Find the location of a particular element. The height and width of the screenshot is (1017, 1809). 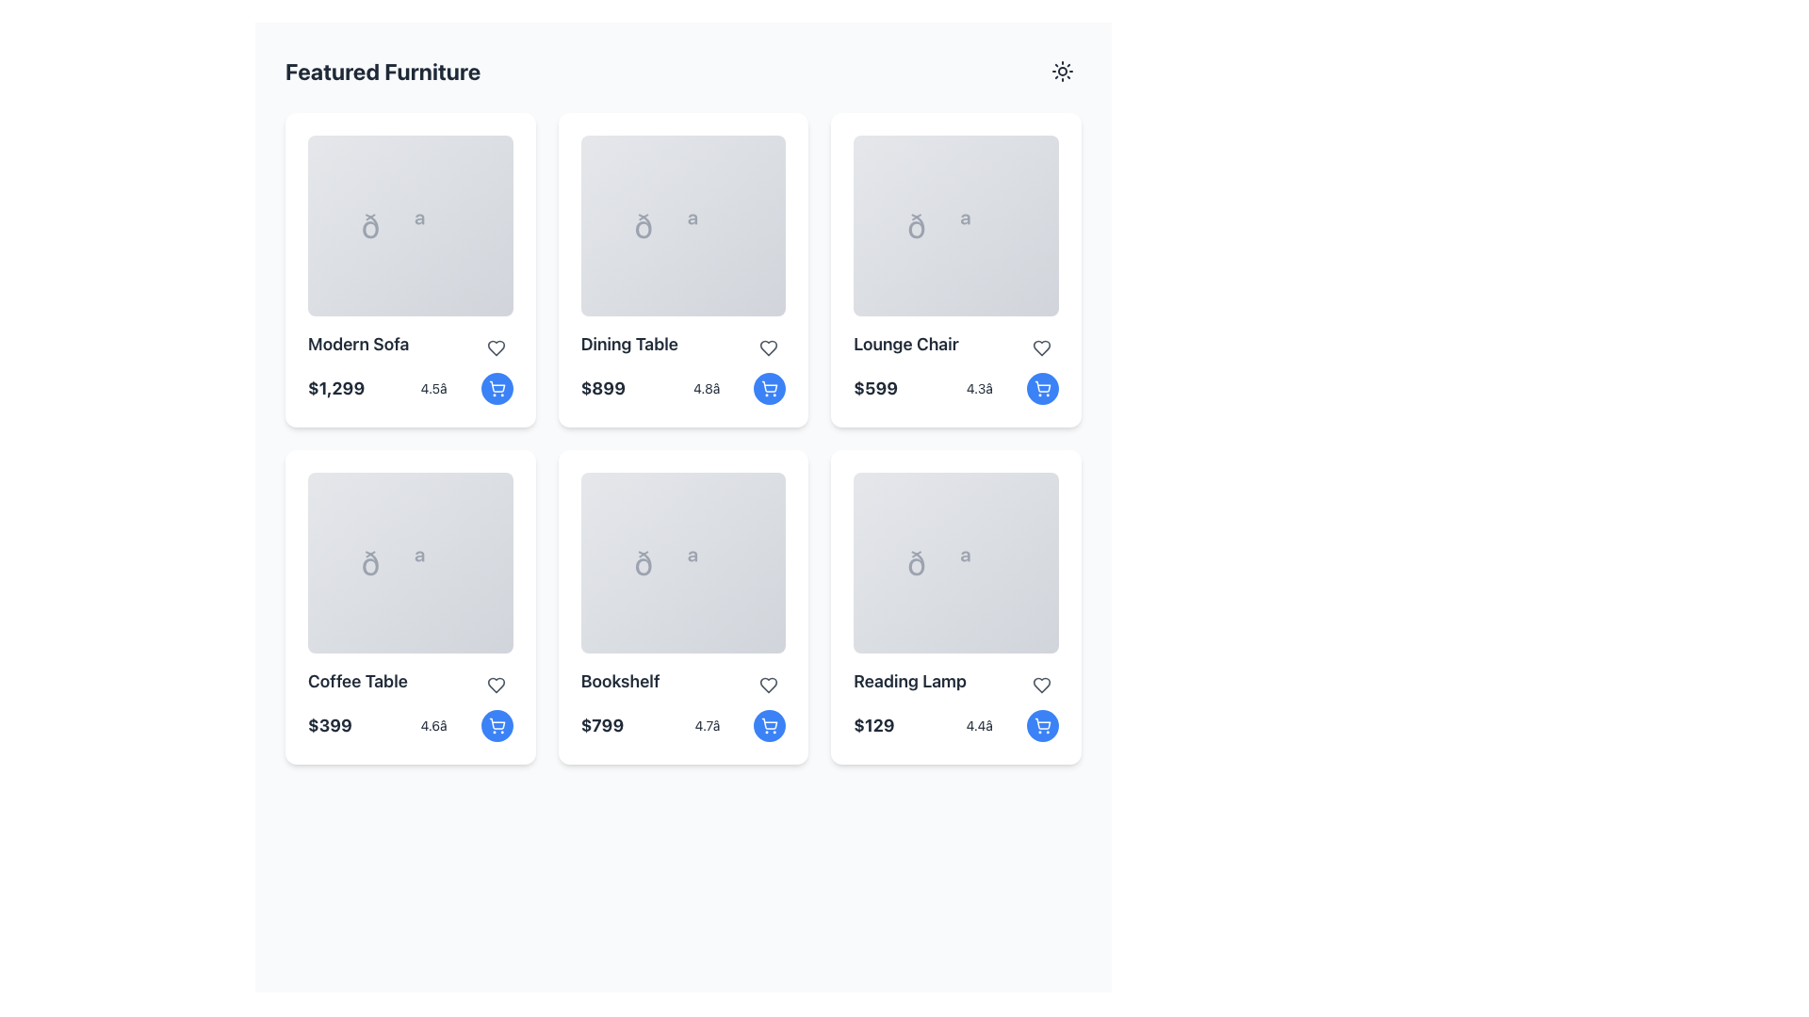

the image placeholder icon for the 'Reading Lamp' product, located at the center of the card in the bottom right section of the featured furniture grid layout is located at coordinates (956, 561).